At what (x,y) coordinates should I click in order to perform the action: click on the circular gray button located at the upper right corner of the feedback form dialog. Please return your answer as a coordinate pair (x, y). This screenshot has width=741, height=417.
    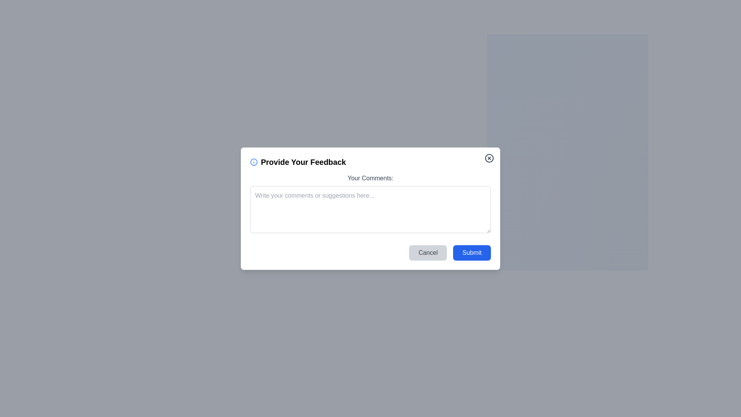
    Looking at the image, I should click on (489, 158).